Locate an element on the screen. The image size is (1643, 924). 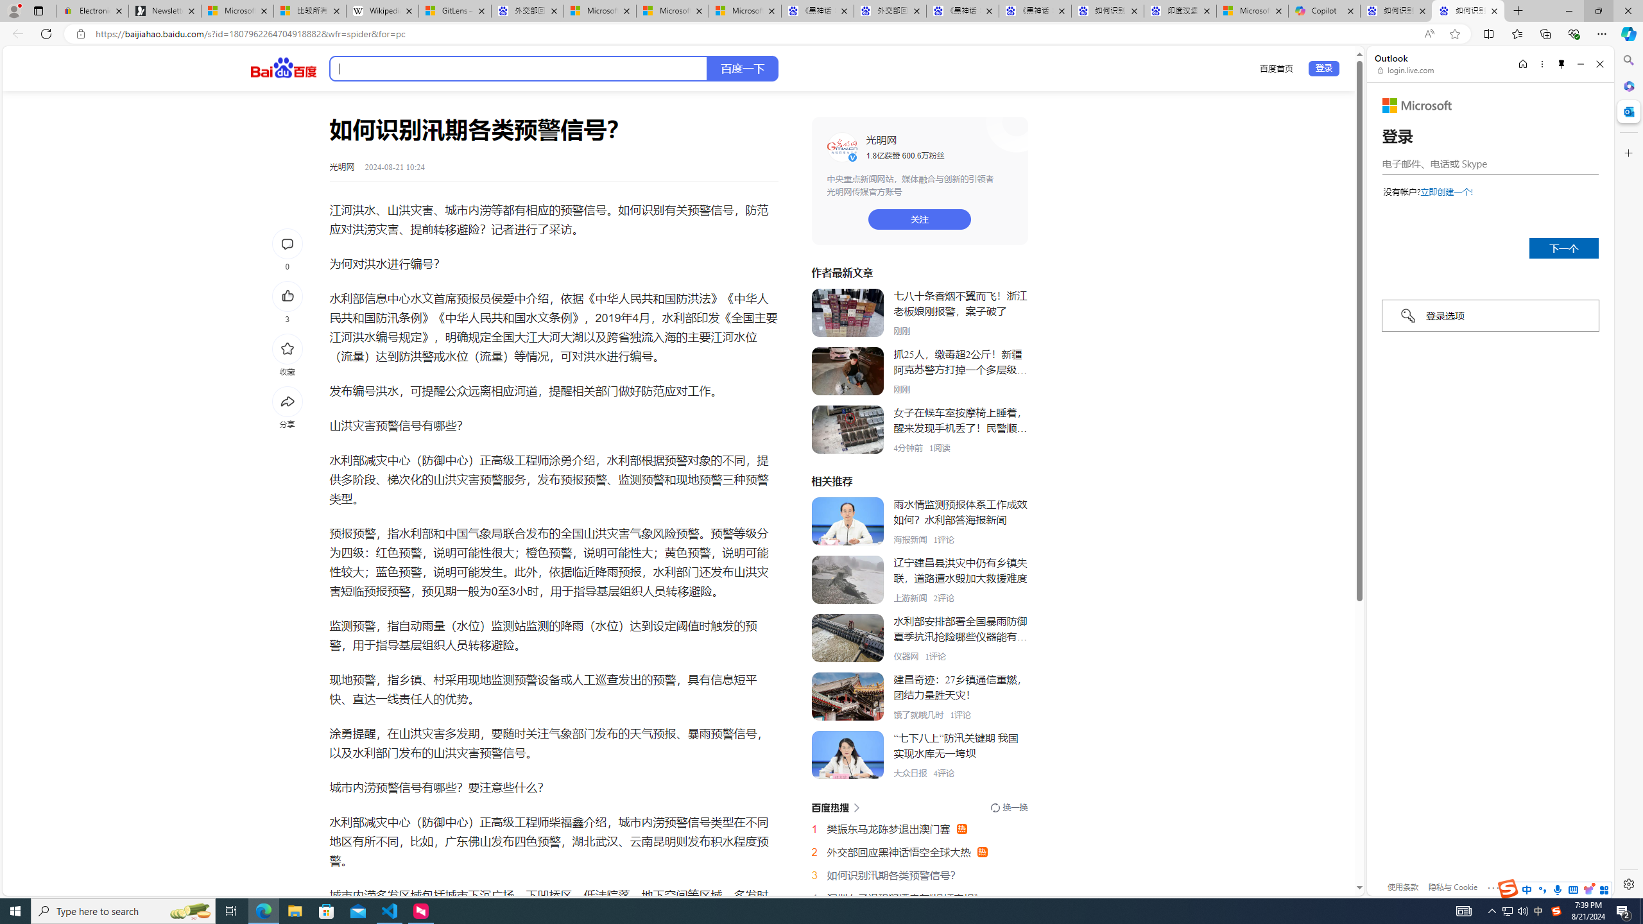
'Copilot' is located at coordinates (1323, 10).